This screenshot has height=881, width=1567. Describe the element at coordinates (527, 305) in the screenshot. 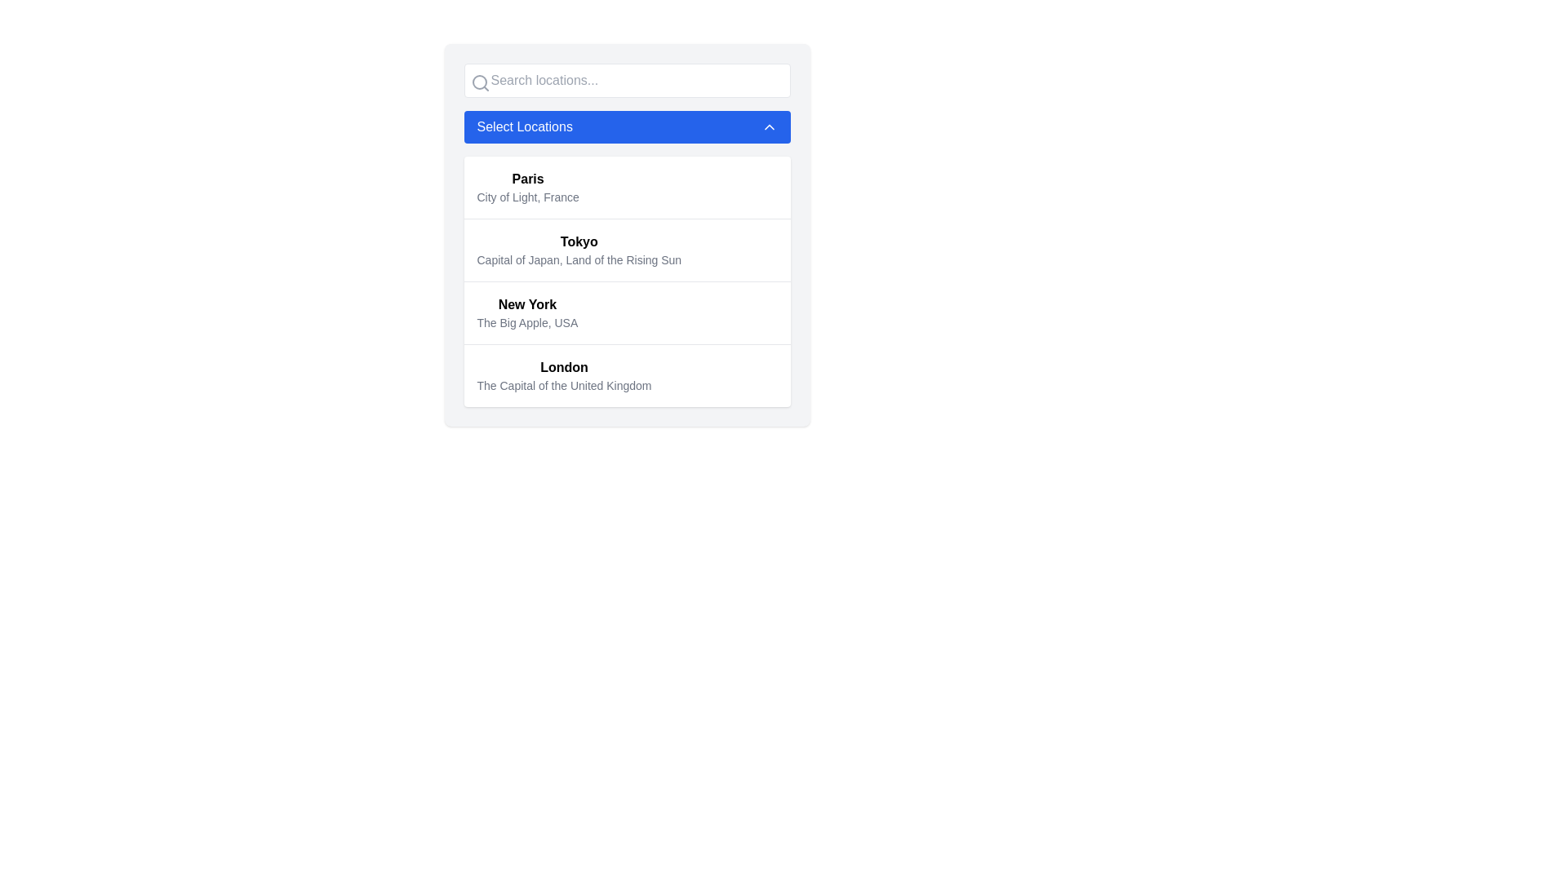

I see `the 'New York' text label` at that location.